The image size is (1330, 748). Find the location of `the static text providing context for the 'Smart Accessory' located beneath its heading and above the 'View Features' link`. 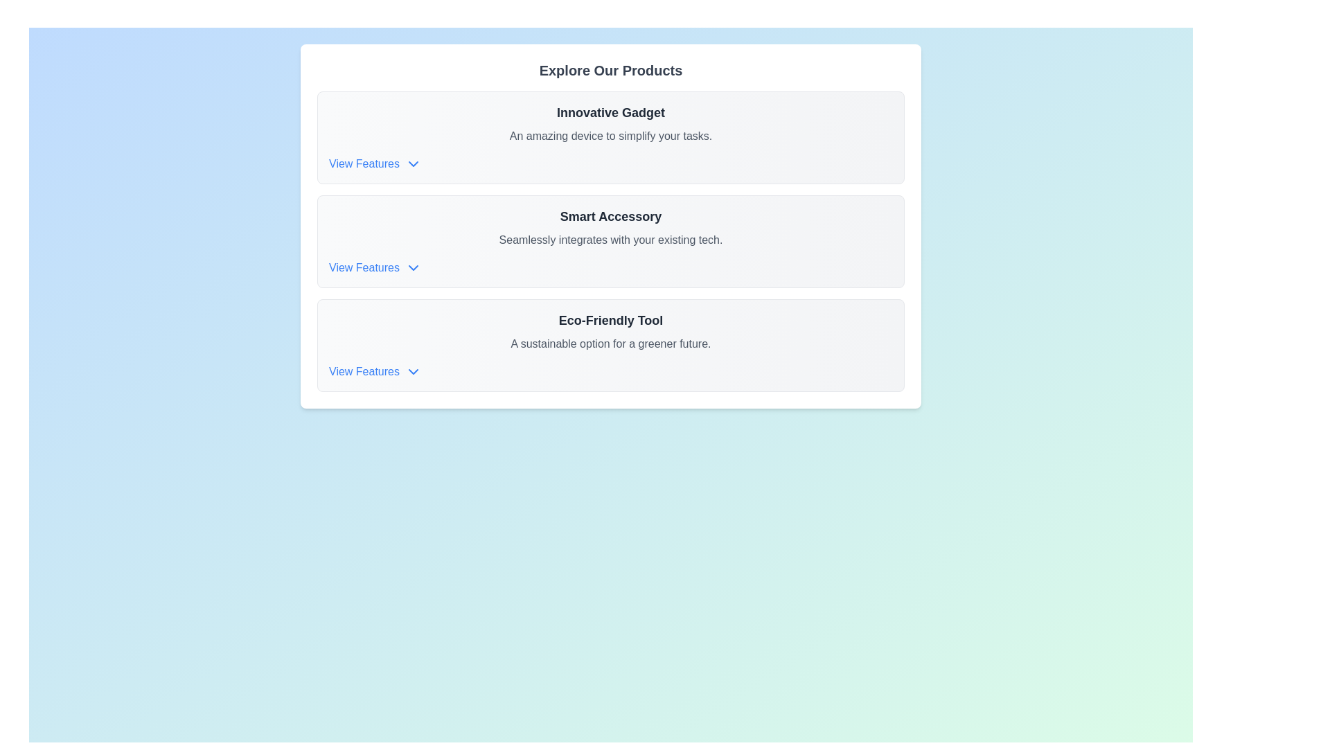

the static text providing context for the 'Smart Accessory' located beneath its heading and above the 'View Features' link is located at coordinates (610, 240).